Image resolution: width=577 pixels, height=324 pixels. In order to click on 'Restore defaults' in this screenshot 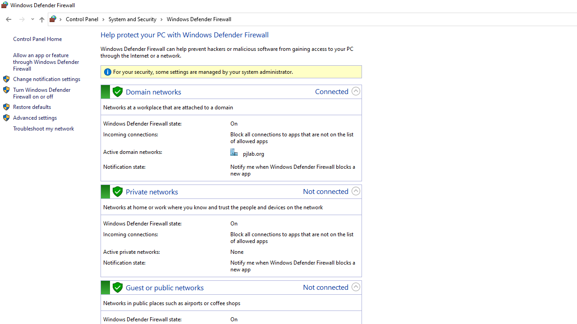, I will do `click(32, 106)`.